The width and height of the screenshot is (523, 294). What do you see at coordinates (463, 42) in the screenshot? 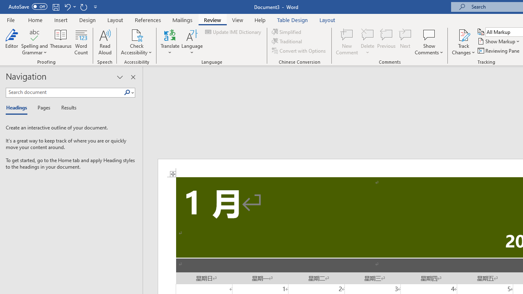
I see `'Track Changes'` at bounding box center [463, 42].